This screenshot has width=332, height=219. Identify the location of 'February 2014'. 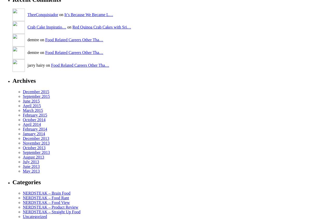
(34, 128).